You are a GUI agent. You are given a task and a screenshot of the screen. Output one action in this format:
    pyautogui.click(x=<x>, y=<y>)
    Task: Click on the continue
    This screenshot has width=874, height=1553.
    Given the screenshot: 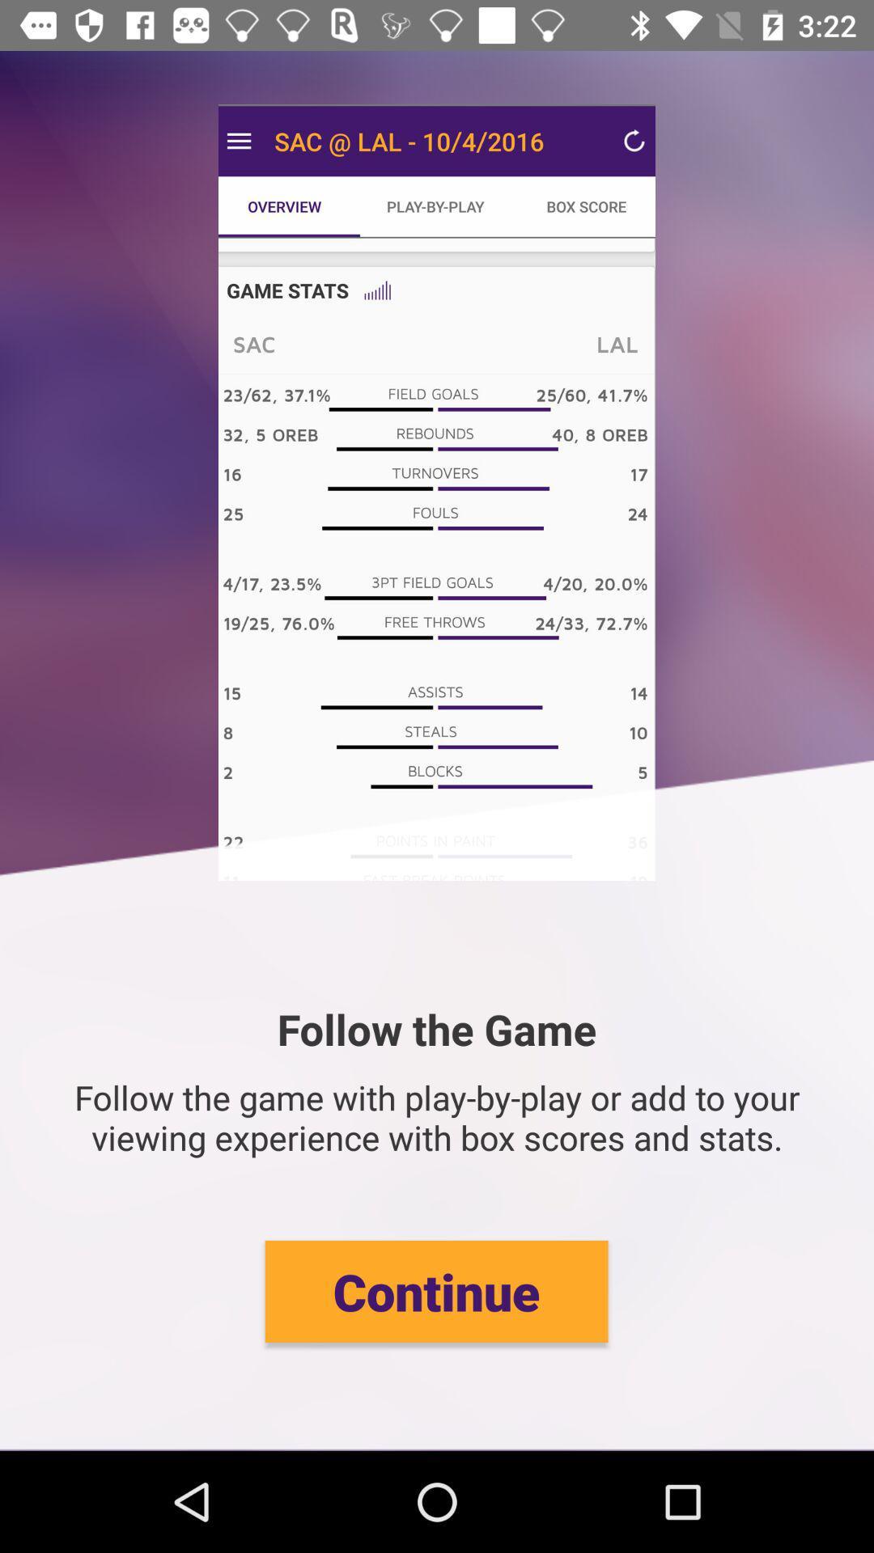 What is the action you would take?
    pyautogui.click(x=435, y=1290)
    